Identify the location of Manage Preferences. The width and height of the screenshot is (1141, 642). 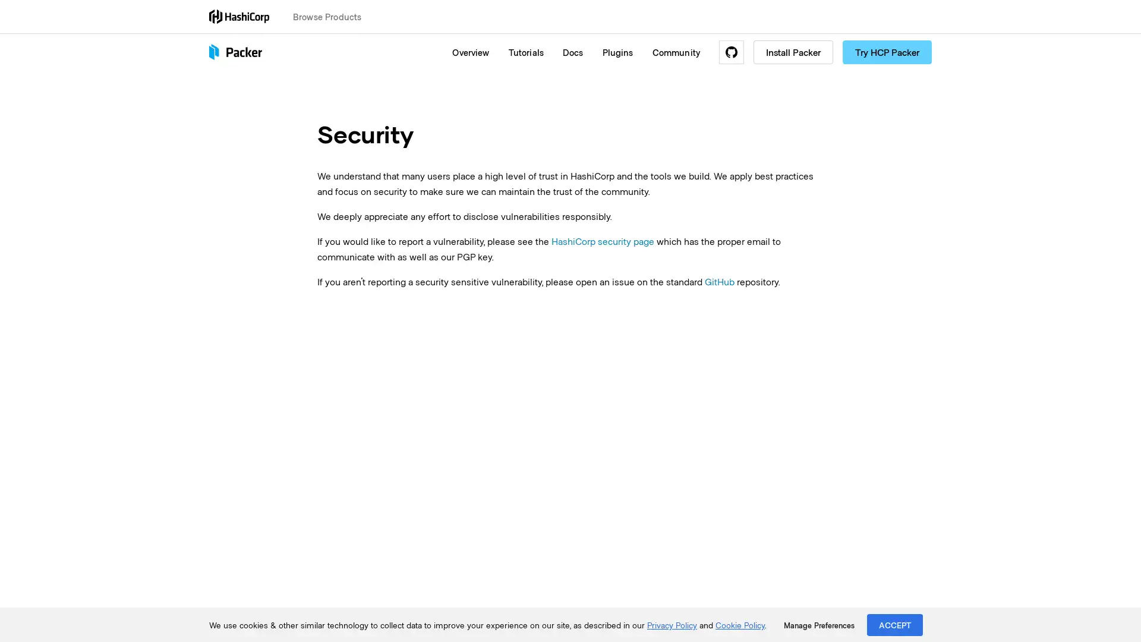
(818, 625).